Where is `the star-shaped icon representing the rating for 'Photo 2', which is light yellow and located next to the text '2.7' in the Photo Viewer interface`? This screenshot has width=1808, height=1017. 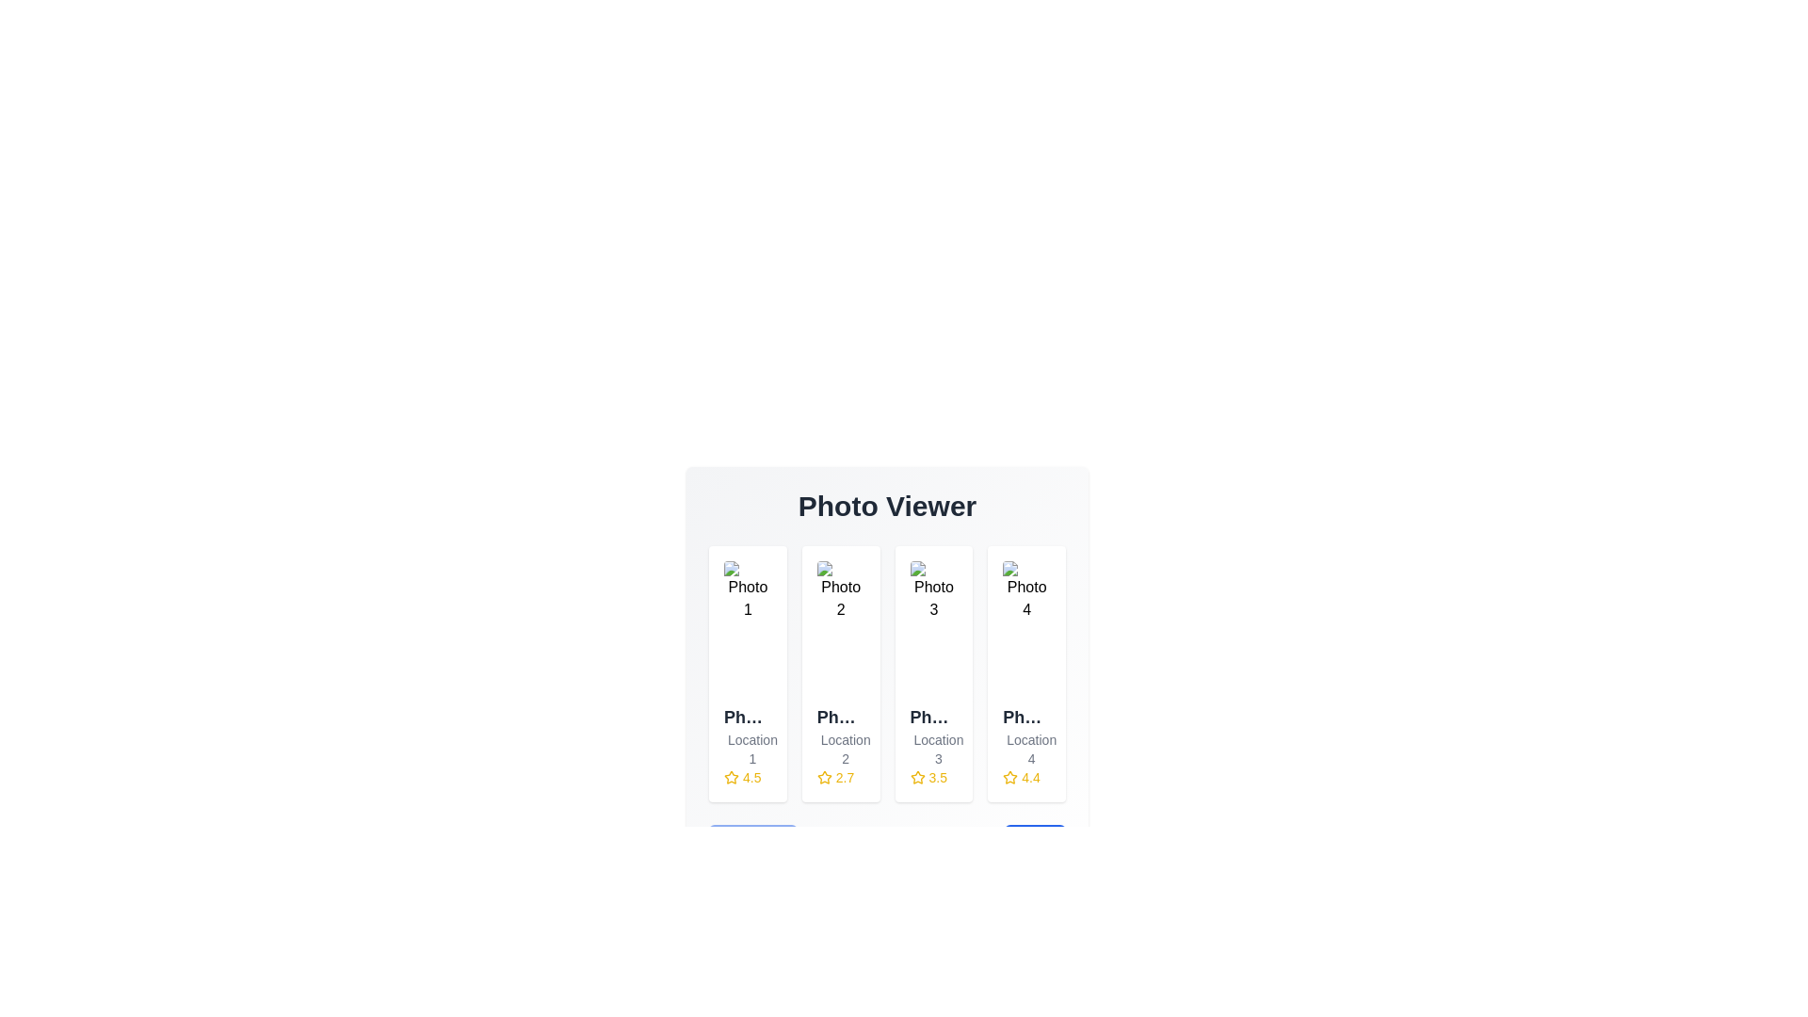
the star-shaped icon representing the rating for 'Photo 2', which is light yellow and located next to the text '2.7' in the Photo Viewer interface is located at coordinates (824, 777).